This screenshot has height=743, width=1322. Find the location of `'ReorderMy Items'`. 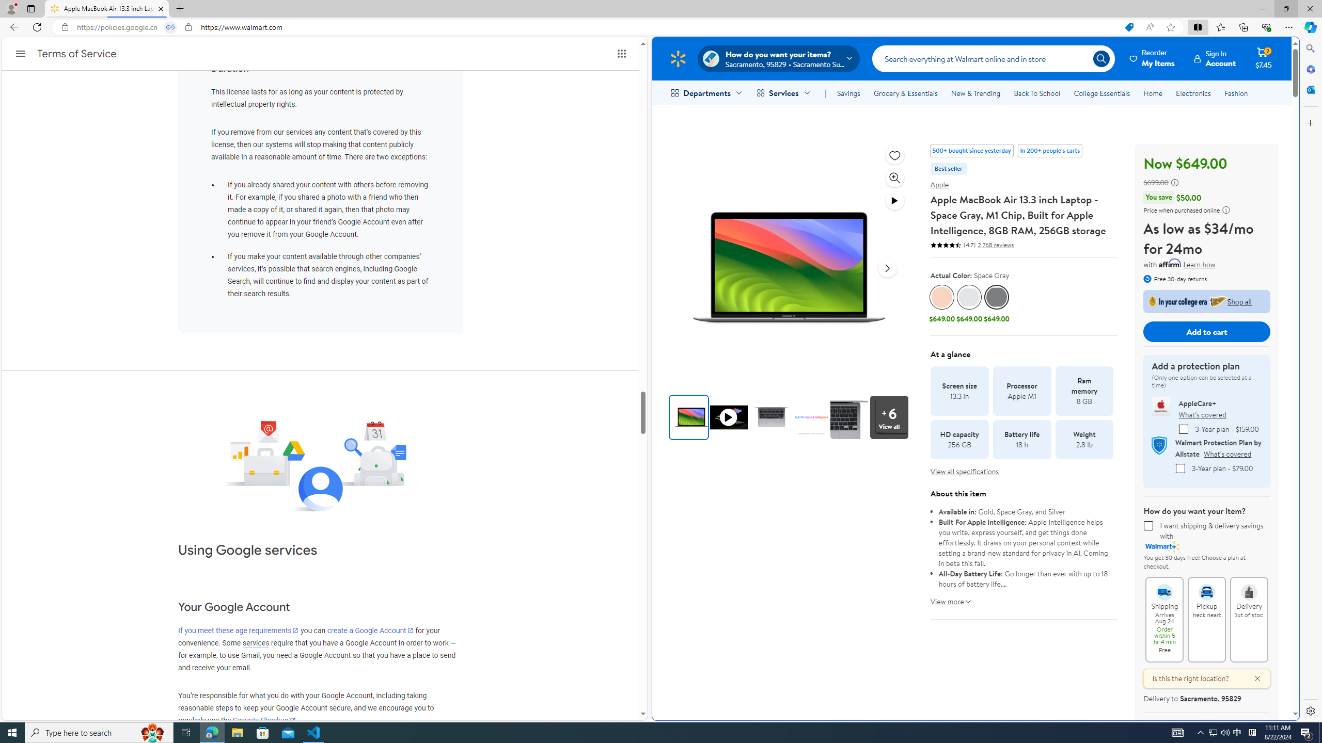

'ReorderMy Items' is located at coordinates (1152, 58).